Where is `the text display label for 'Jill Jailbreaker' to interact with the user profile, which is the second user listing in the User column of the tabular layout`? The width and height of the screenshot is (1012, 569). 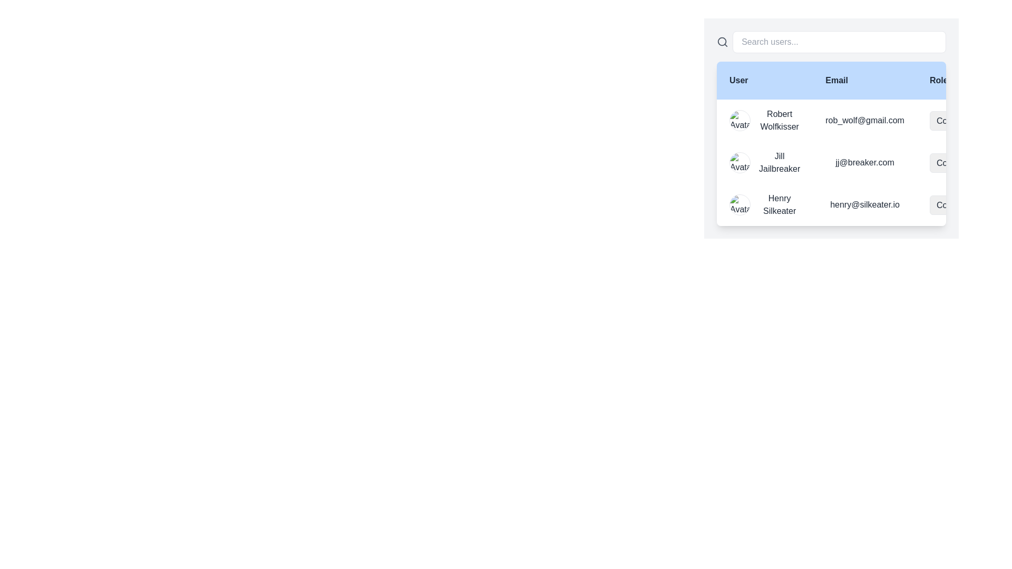 the text display label for 'Jill Jailbreaker' to interact with the user profile, which is the second user listing in the User column of the tabular layout is located at coordinates (765, 162).